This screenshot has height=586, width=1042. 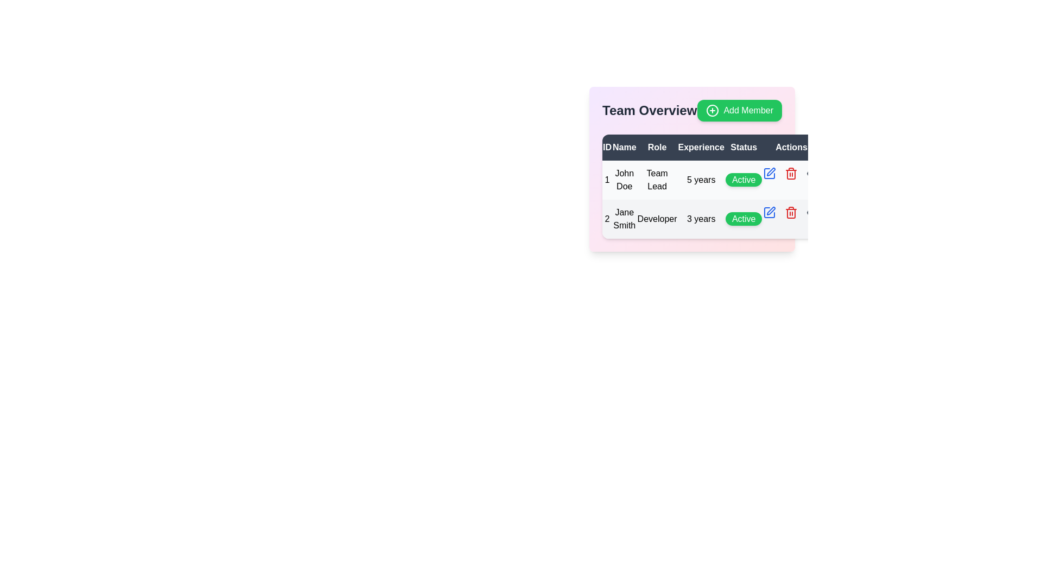 I want to click on the first row of the 'Team Overview' table to edit the member details, so click(x=711, y=179).